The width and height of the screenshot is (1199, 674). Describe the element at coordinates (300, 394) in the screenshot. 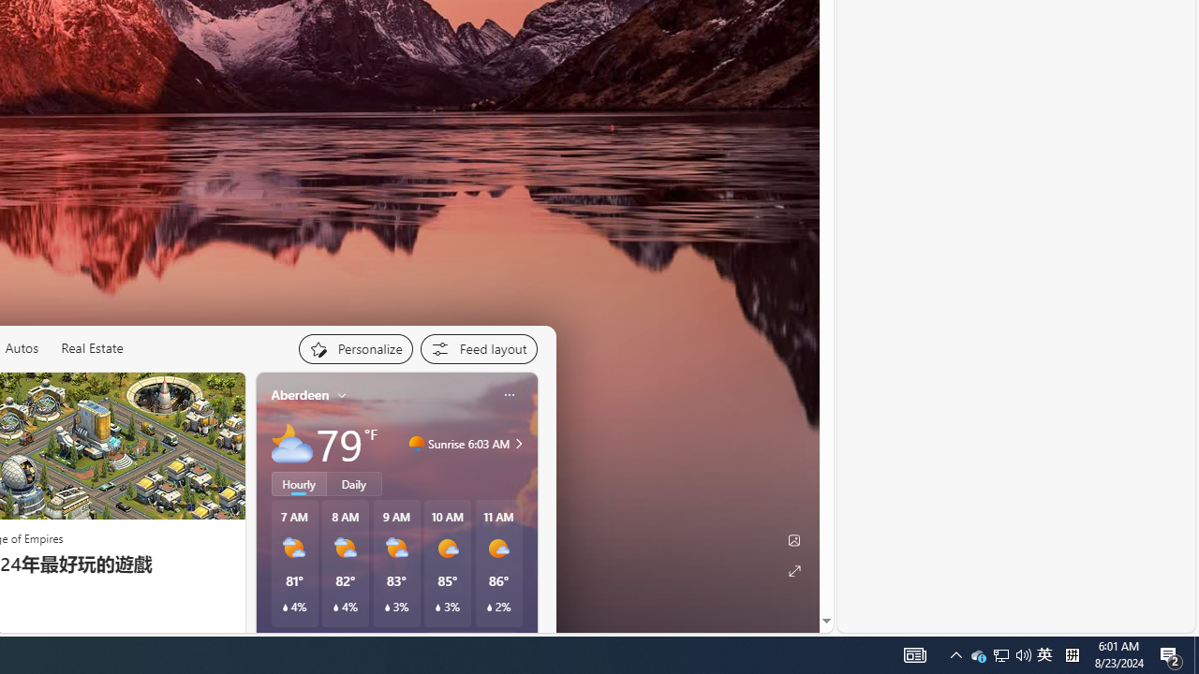

I see `'Aberdeen'` at that location.